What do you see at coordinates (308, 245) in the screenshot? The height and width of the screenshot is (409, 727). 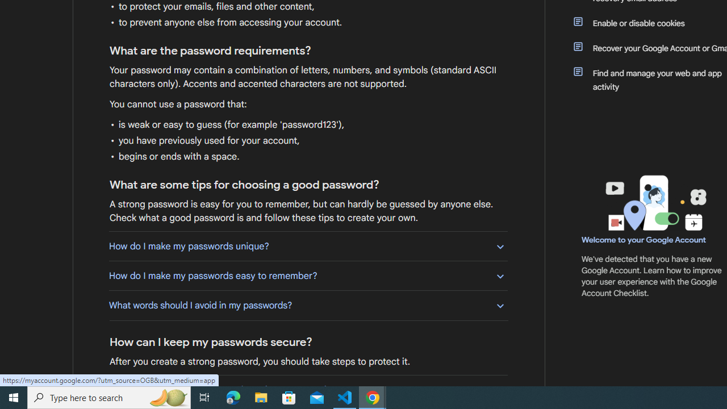 I see `'How do I make my passwords unique?'` at bounding box center [308, 245].